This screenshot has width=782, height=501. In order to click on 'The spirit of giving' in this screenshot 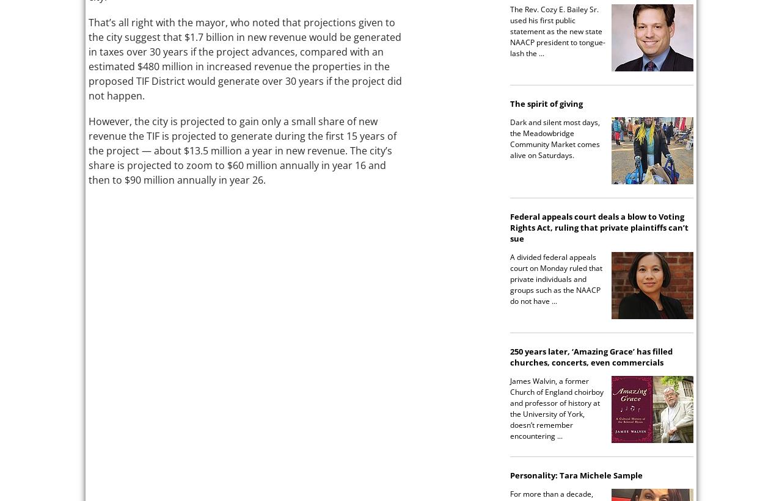, I will do `click(546, 103)`.